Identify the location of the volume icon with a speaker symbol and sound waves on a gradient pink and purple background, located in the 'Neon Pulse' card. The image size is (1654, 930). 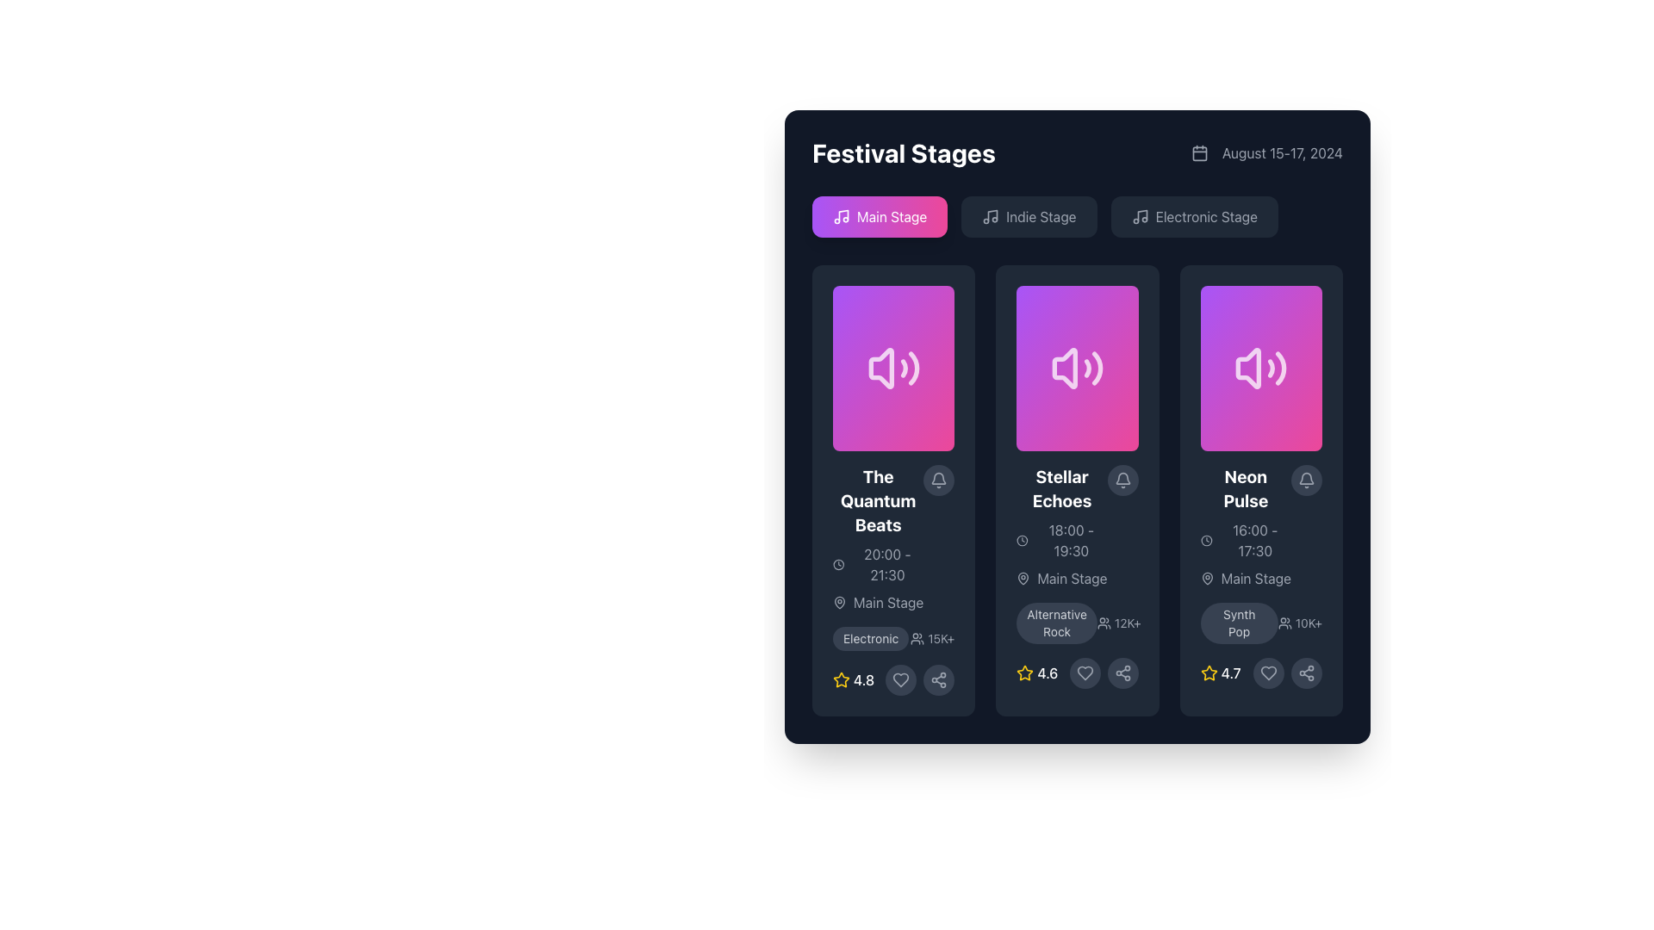
(1261, 368).